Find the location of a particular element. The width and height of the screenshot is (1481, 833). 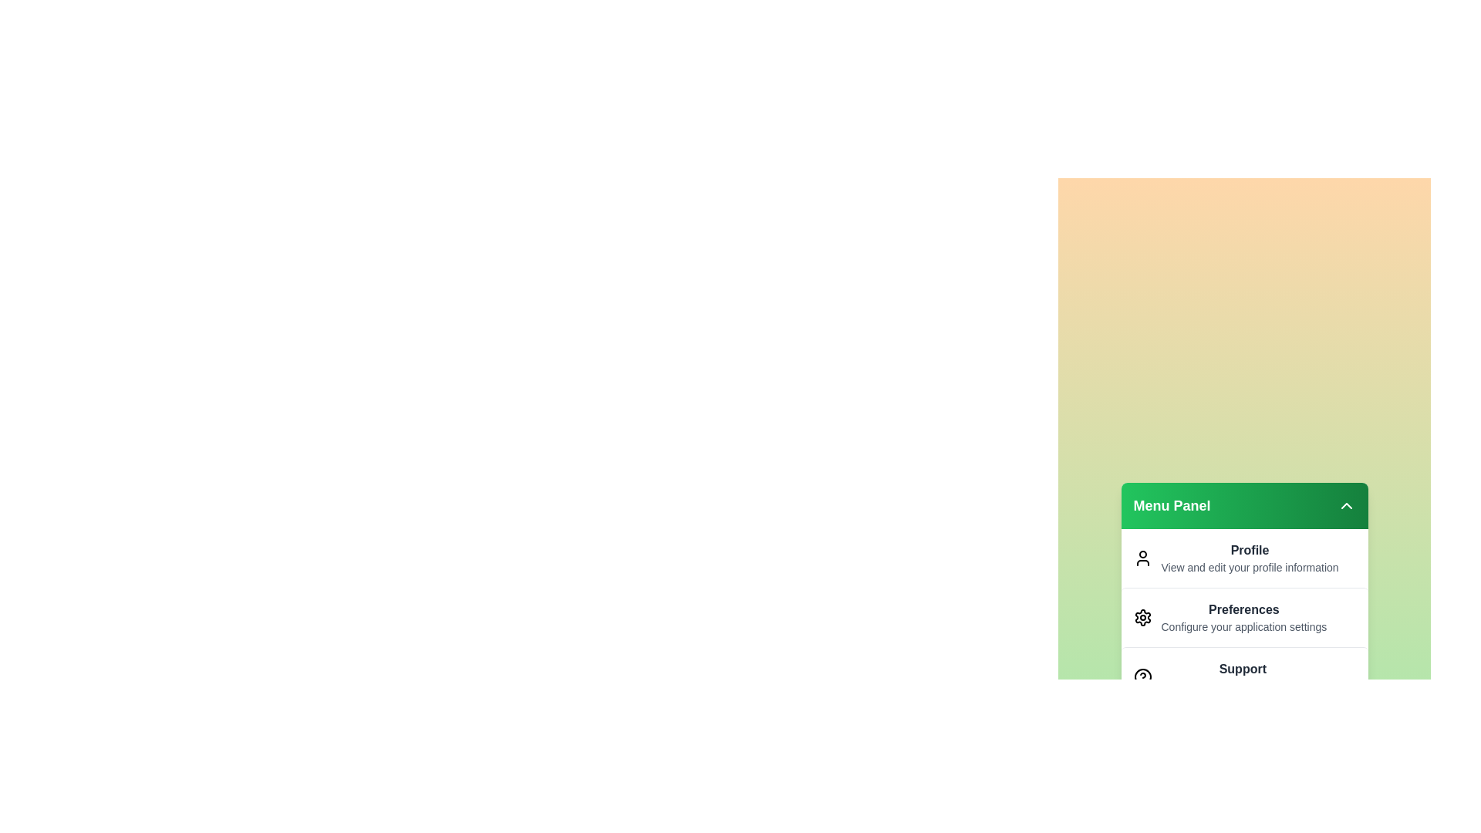

toggle button to change the menu panel state is located at coordinates (1345, 505).